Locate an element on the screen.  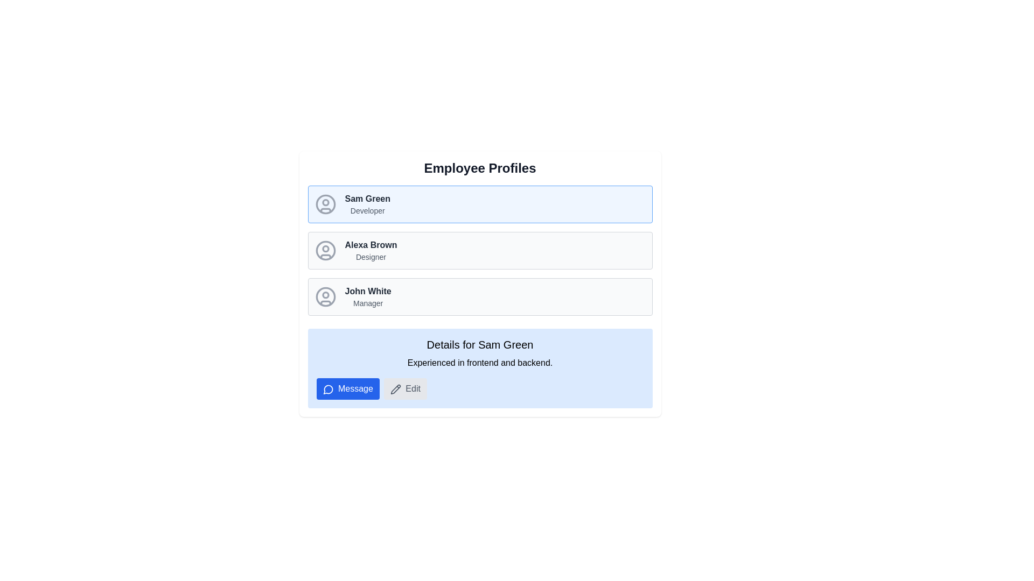
the blue 'Message' button with white text and a message icon is located at coordinates (348, 388).